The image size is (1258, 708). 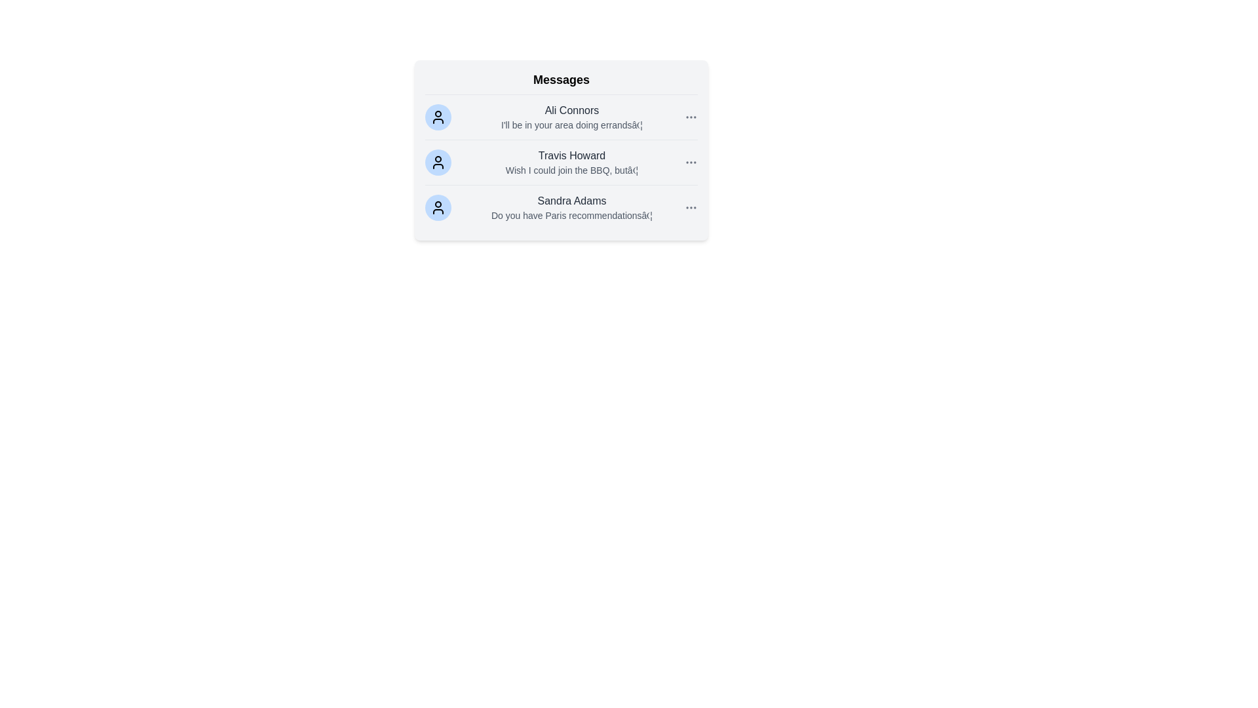 What do you see at coordinates (572, 206) in the screenshot?
I see `the Message Preview Entry displaying 'Sandra Adams' and the message snippet 'Do you have Paris recommendations…'` at bounding box center [572, 206].